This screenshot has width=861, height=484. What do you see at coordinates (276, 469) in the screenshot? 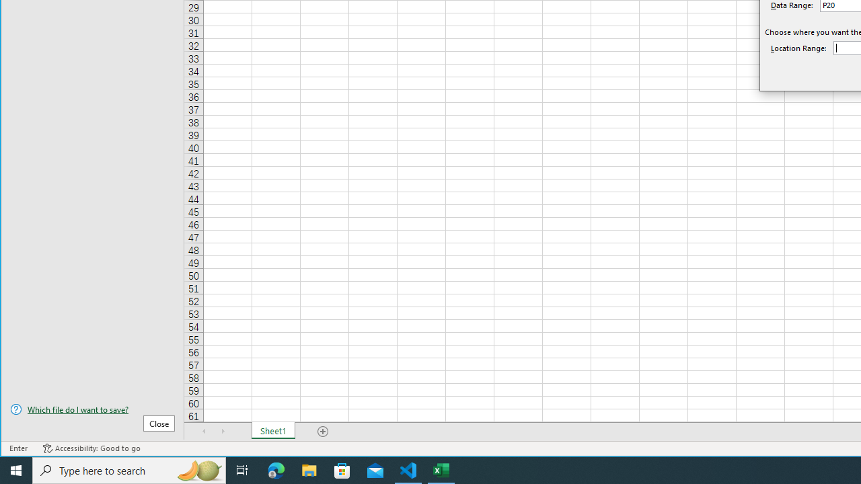
I see `'Microsoft Edge'` at bounding box center [276, 469].